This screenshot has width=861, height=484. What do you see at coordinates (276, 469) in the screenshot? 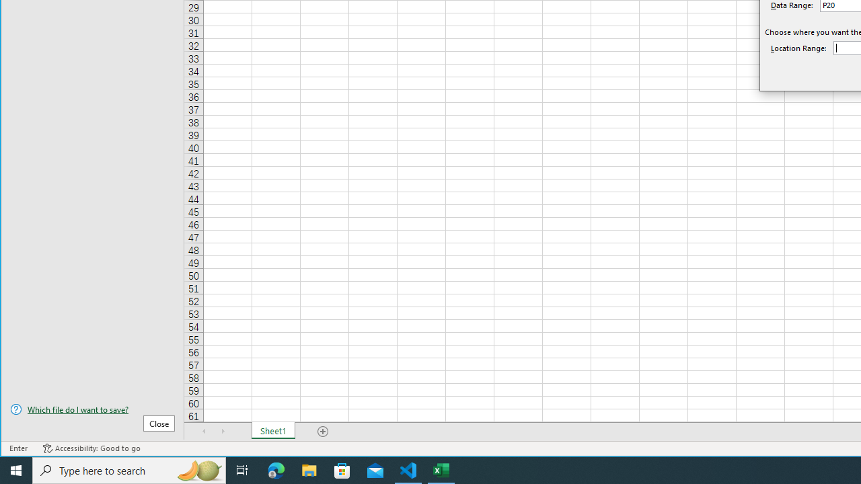
I see `'Microsoft Edge'` at bounding box center [276, 469].